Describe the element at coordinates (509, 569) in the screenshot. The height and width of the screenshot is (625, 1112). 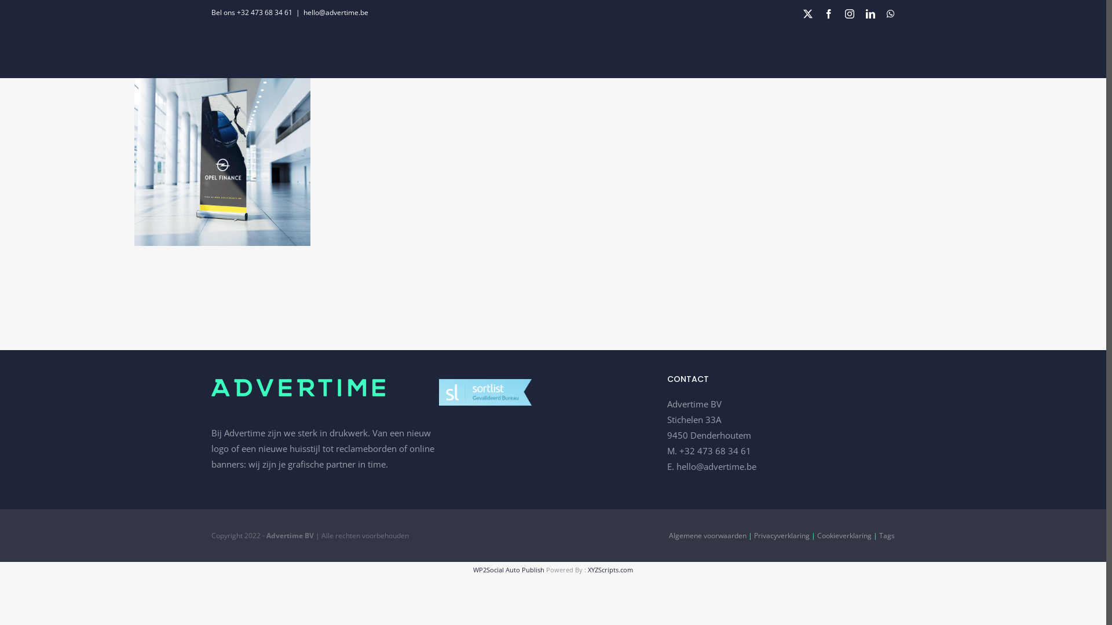
I see `'WP2Social Auto Publish'` at that location.